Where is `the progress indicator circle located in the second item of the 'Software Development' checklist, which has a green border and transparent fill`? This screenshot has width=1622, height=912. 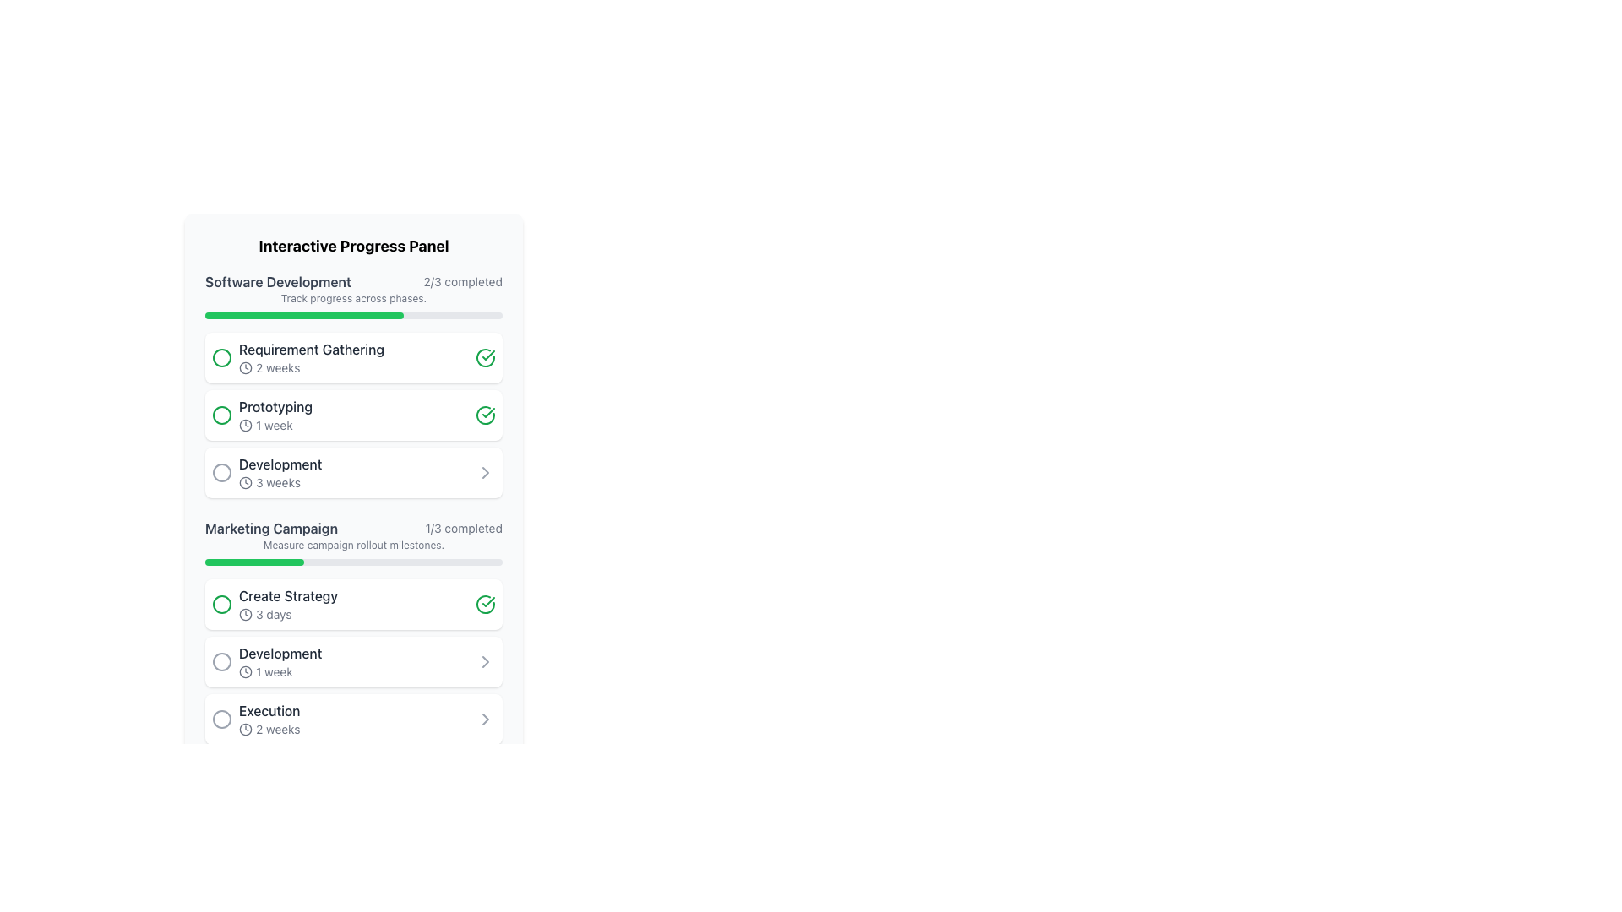 the progress indicator circle located in the second item of the 'Software Development' checklist, which has a green border and transparent fill is located at coordinates (221, 415).